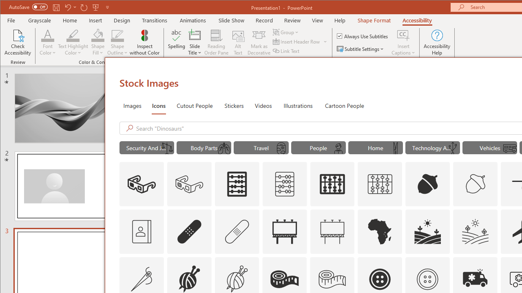 The height and width of the screenshot is (293, 522). I want to click on '"Travel" Icons.', so click(261, 147).